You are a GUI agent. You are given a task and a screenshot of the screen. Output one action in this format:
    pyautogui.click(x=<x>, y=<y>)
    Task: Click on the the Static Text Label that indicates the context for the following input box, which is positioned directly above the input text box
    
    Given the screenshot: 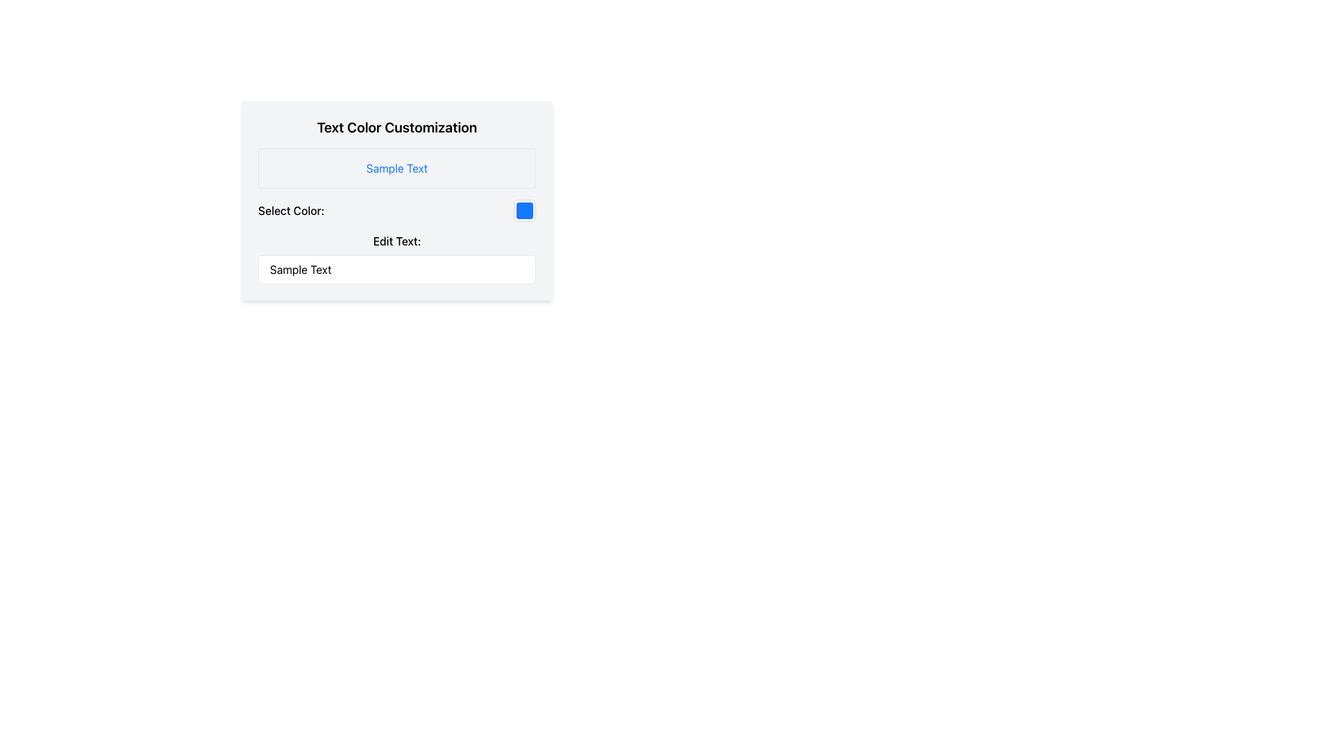 What is the action you would take?
    pyautogui.click(x=396, y=240)
    